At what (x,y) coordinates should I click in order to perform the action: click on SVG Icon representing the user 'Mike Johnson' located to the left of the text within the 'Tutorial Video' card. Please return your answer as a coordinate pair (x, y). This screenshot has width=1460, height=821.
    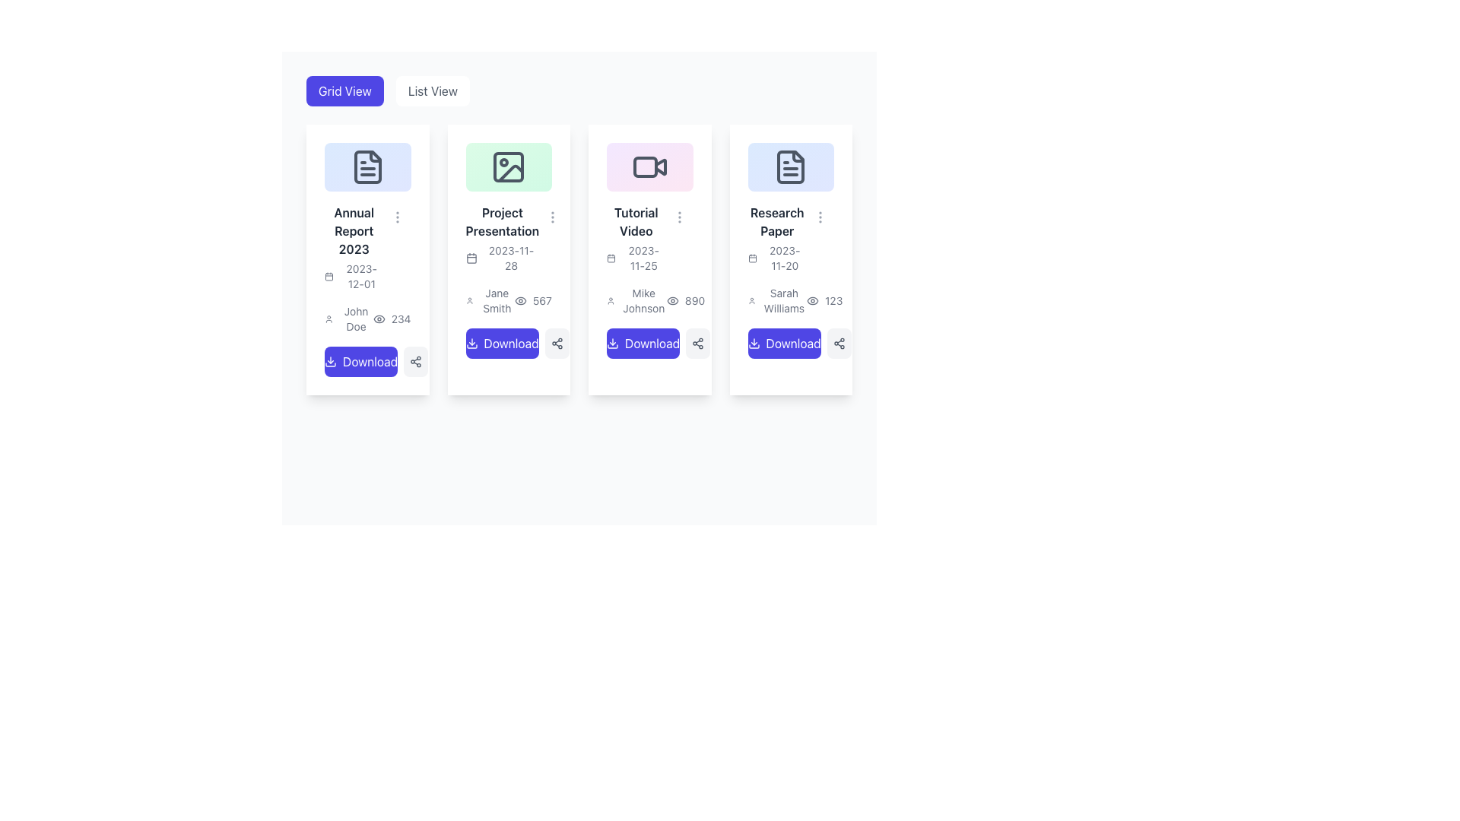
    Looking at the image, I should click on (611, 300).